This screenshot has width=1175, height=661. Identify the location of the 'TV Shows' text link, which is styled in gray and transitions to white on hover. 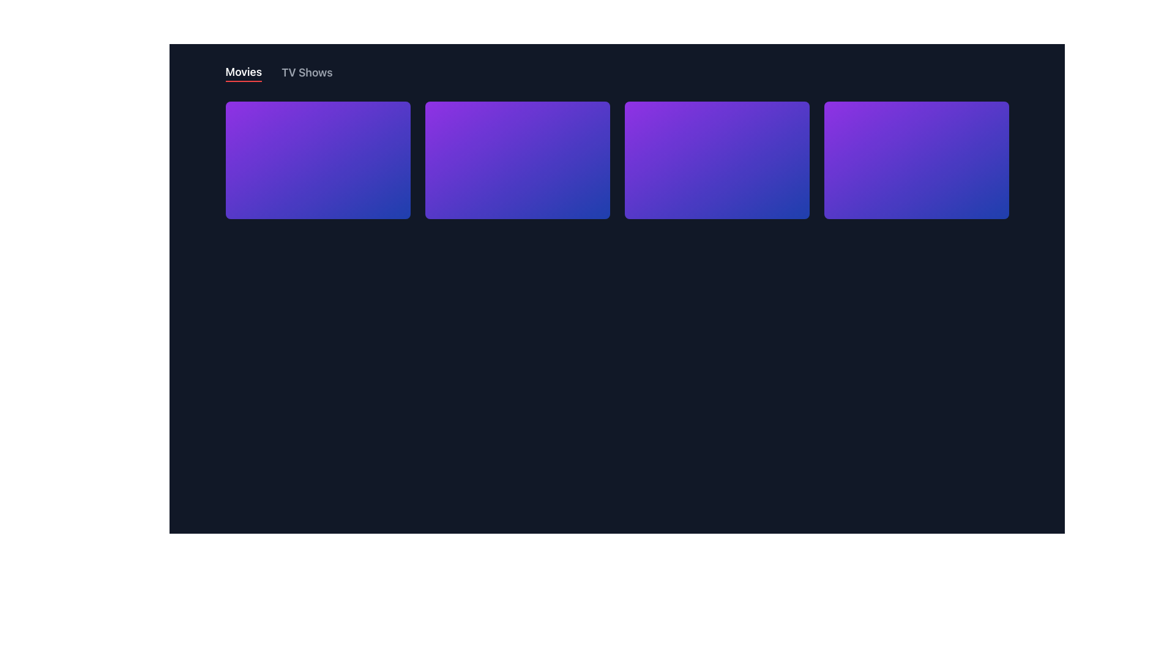
(307, 73).